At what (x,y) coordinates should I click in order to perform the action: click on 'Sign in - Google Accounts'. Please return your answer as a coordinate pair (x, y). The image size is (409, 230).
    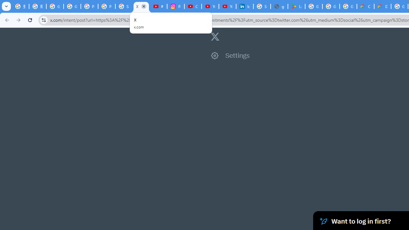
    Looking at the image, I should click on (124, 6).